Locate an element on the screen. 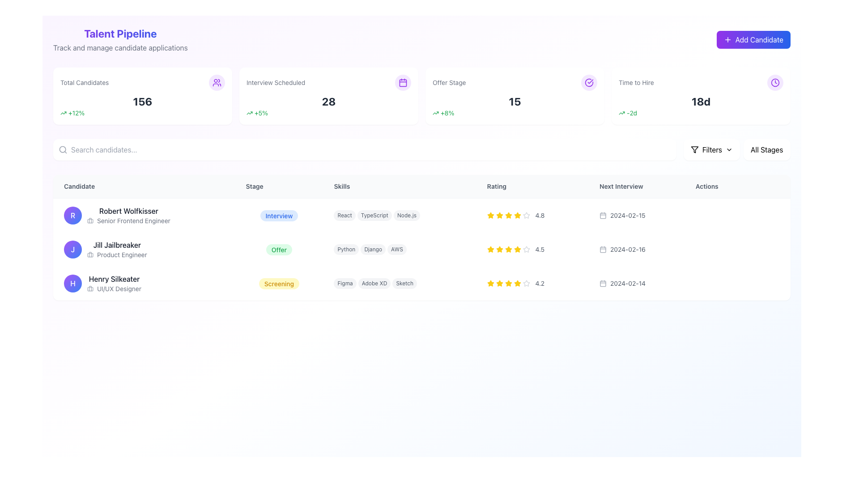 The image size is (859, 483). the fifth yellow star icon in the rating system for 'Robert Wolfkisser', located in the Rating column of the table is located at coordinates (517, 216).